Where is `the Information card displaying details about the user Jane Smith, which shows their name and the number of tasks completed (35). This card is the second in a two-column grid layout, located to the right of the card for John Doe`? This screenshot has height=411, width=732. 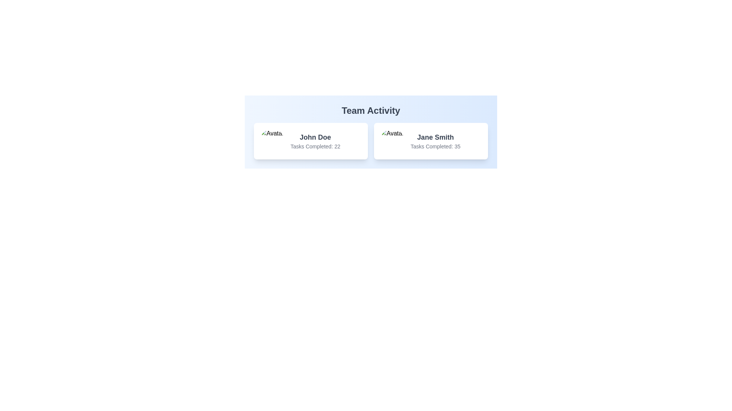 the Information card displaying details about the user Jane Smith, which shows their name and the number of tasks completed (35). This card is the second in a two-column grid layout, located to the right of the card for John Doe is located at coordinates (431, 141).